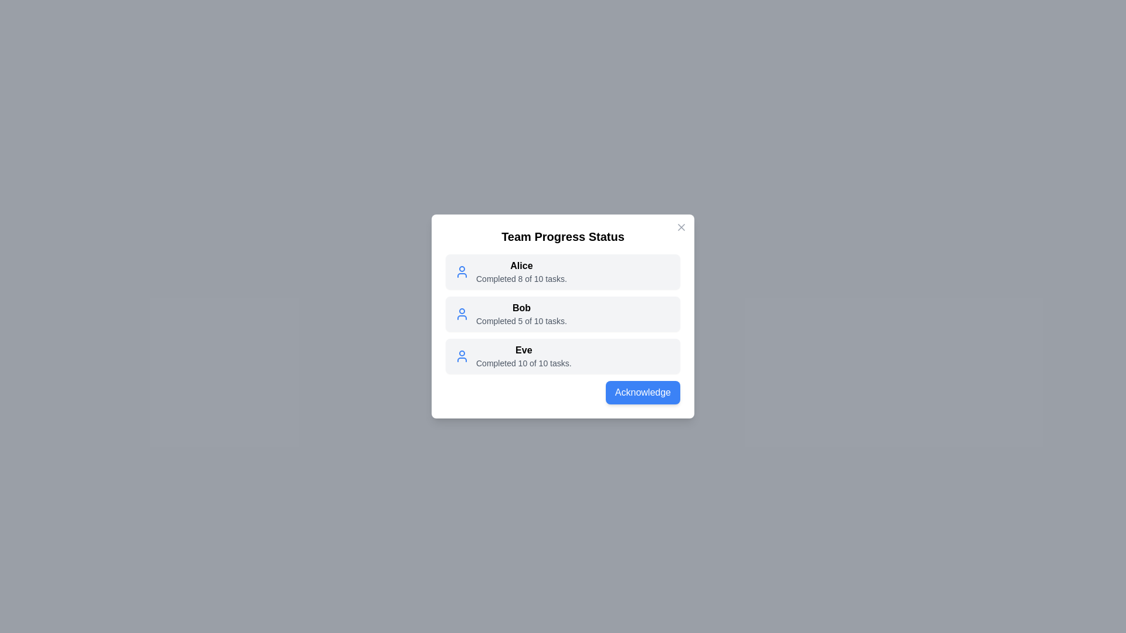 The height and width of the screenshot is (633, 1126). Describe the element at coordinates (563, 271) in the screenshot. I see `the card of the team member Alice` at that location.